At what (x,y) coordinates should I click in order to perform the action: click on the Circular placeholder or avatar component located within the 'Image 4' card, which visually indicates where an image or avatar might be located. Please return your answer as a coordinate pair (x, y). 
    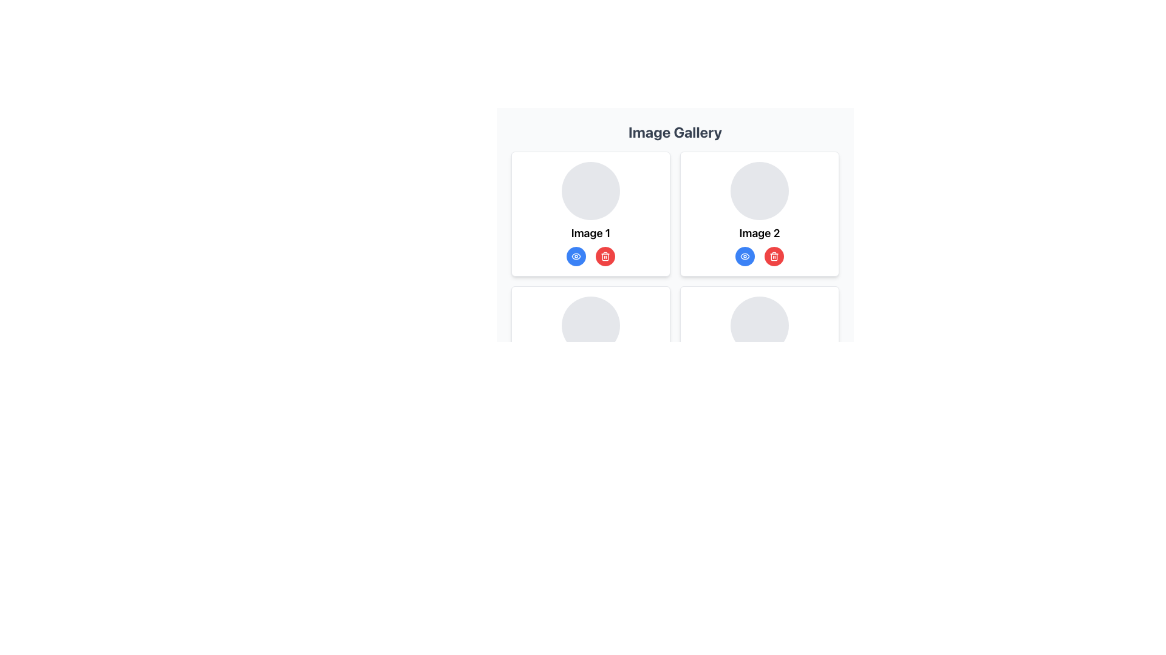
    Looking at the image, I should click on (759, 324).